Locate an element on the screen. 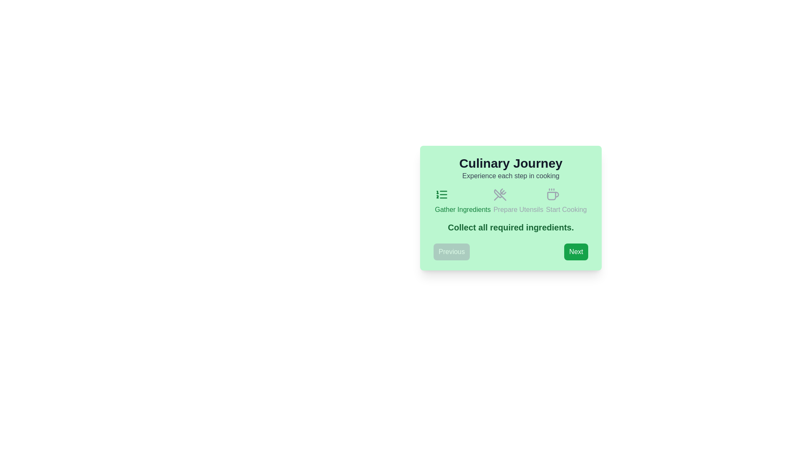  'Next' button to navigate to the next step is located at coordinates (576, 251).